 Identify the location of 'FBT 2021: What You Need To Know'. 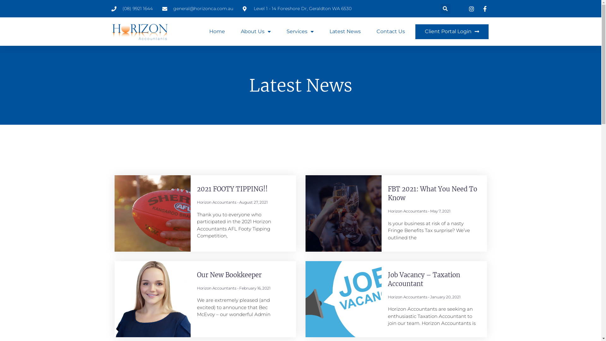
(432, 193).